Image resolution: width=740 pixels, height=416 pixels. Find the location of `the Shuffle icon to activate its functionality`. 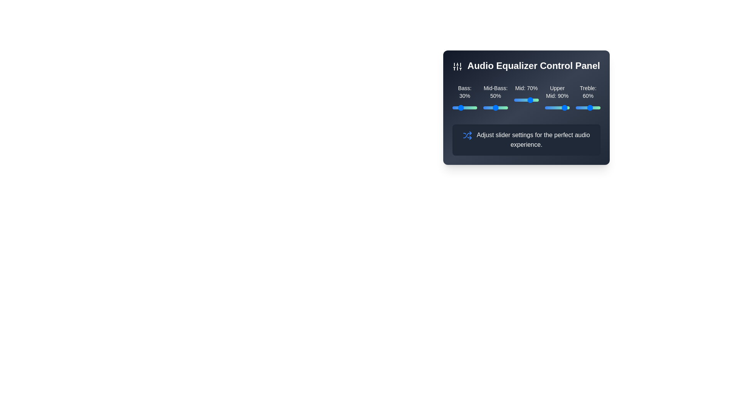

the Shuffle icon to activate its functionality is located at coordinates (467, 135).